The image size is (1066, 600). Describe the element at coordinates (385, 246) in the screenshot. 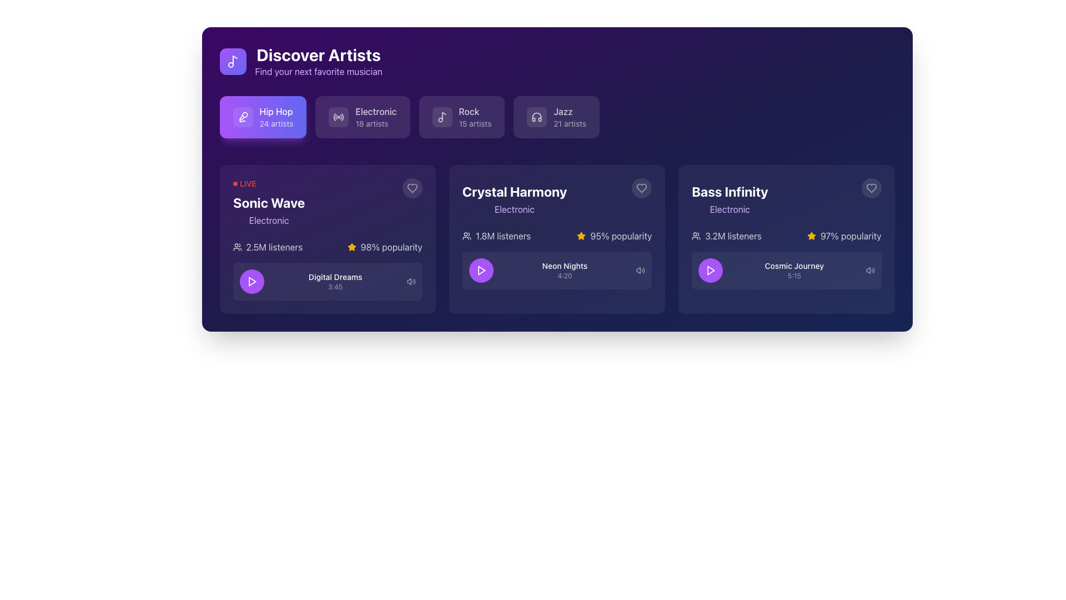

I see `the popularity metric text and accompanying icon located in the bottom-right portion of the first card, below the title 'Sonic Wave' and adjacent to '2.5M listeners'` at that location.